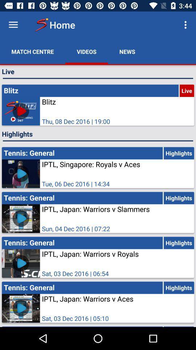 This screenshot has height=350, width=196. I want to click on icon above live, so click(127, 51).